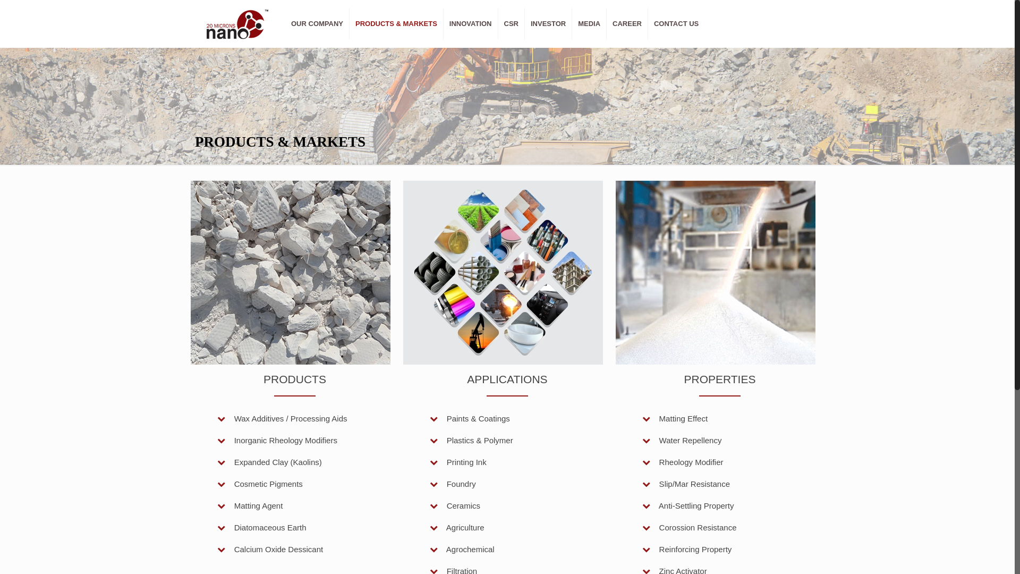  I want to click on 'OUR COMPANY', so click(317, 24).